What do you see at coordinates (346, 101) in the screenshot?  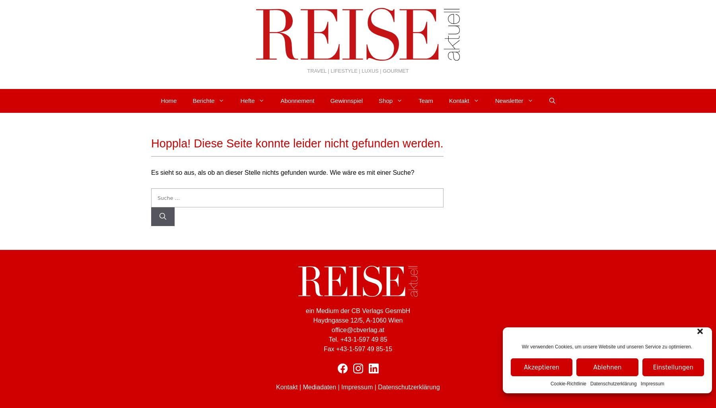 I see `'Gewinnspiel'` at bounding box center [346, 101].